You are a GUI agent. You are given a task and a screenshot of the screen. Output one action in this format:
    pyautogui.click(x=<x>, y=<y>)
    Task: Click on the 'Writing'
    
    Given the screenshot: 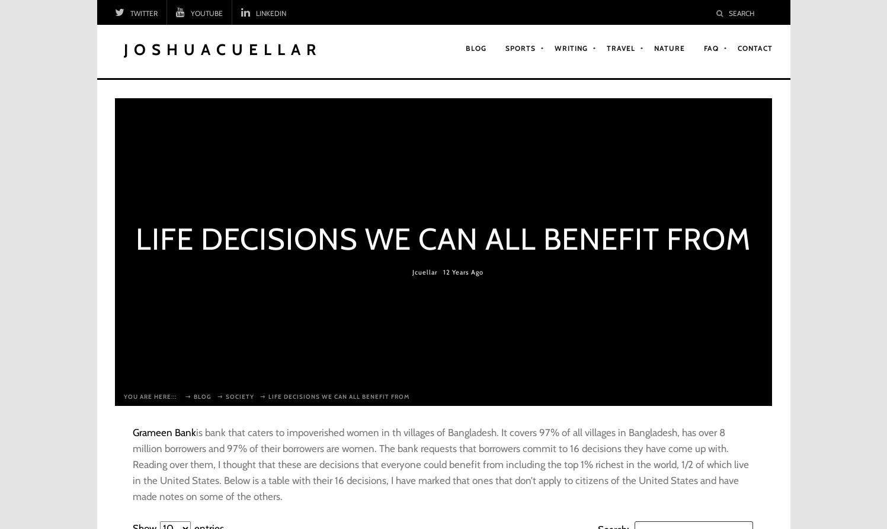 What is the action you would take?
    pyautogui.click(x=571, y=47)
    